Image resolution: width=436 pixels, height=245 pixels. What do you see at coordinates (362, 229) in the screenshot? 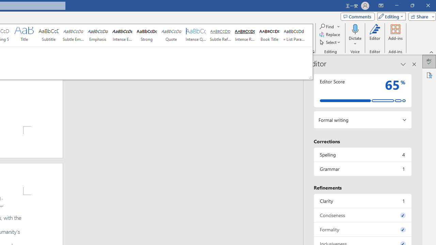
I see `'Formality, 0 issues. Press space or enter to review items.'` at bounding box center [362, 229].